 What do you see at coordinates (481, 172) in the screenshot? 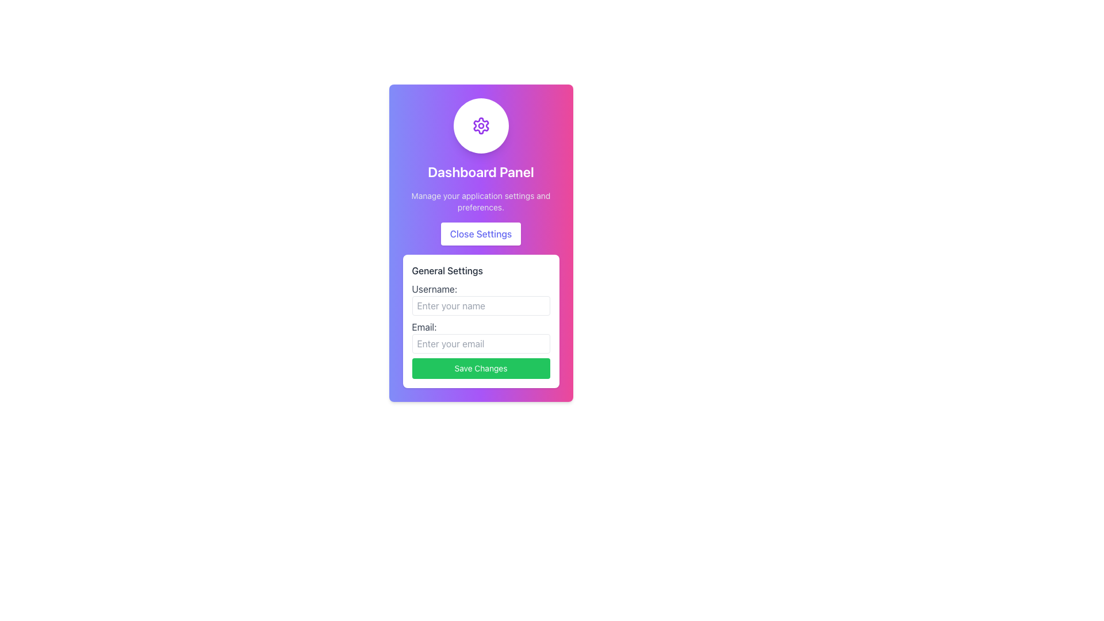
I see `the Dashboard Panel title text label, which is centrally aligned below a cog icon and above the settings description` at bounding box center [481, 172].